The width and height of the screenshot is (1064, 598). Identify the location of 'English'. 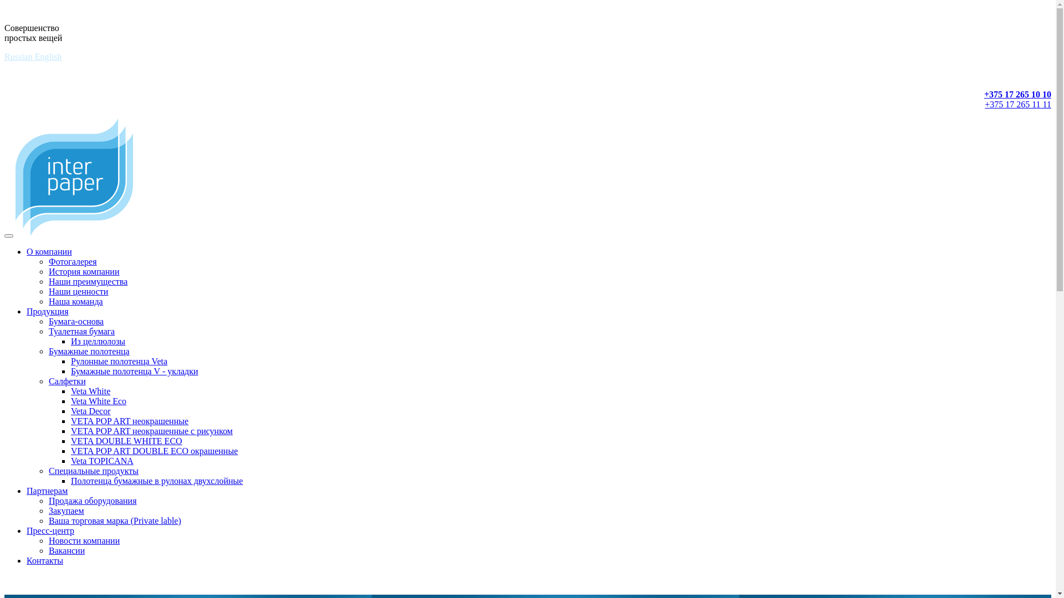
(48, 56).